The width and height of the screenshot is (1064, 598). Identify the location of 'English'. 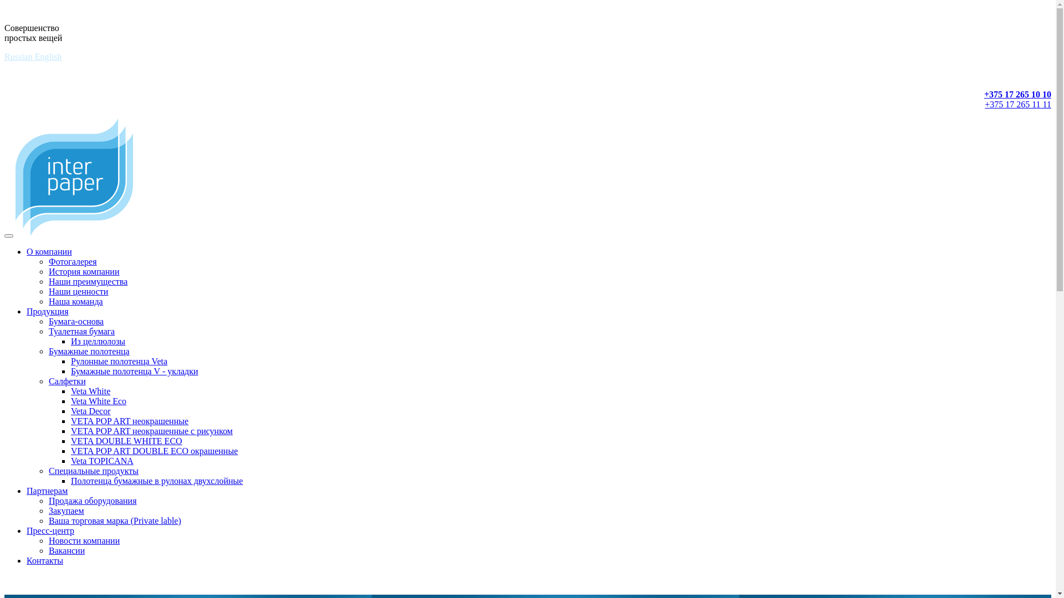
(48, 56).